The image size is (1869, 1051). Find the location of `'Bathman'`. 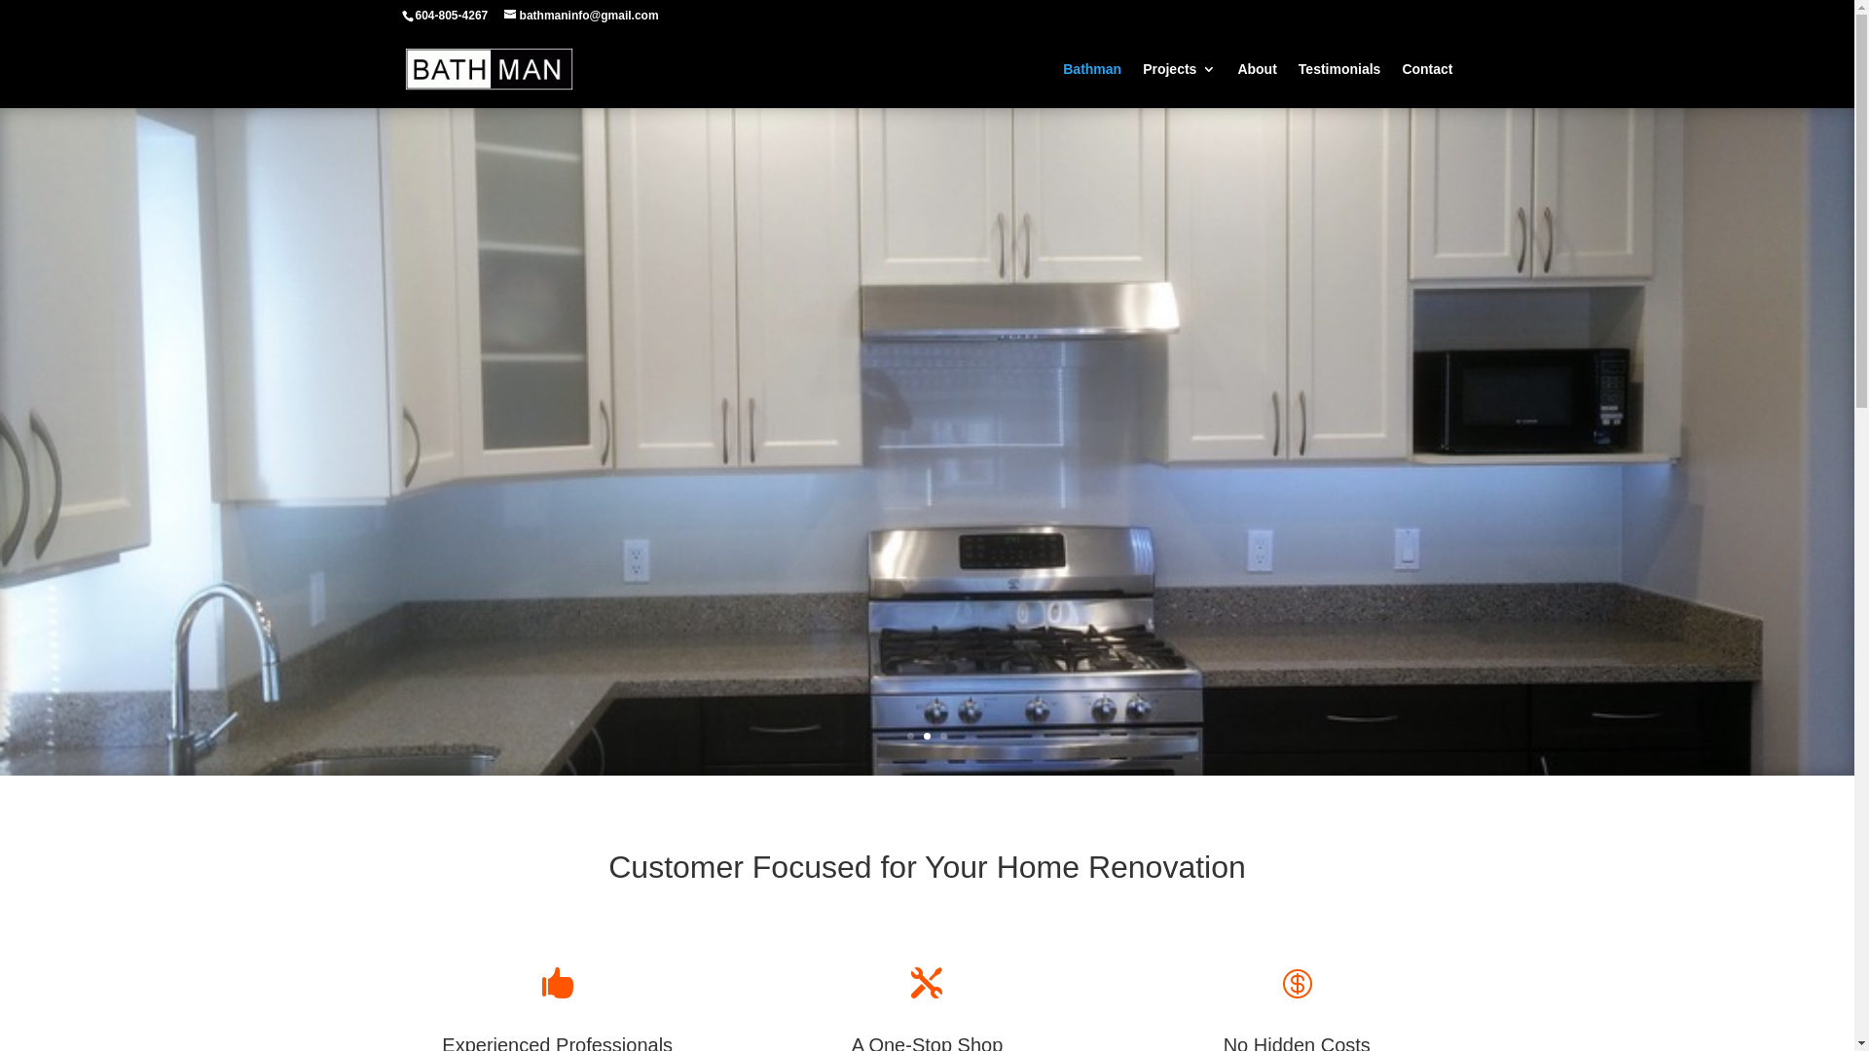

'Bathman' is located at coordinates (1092, 84).